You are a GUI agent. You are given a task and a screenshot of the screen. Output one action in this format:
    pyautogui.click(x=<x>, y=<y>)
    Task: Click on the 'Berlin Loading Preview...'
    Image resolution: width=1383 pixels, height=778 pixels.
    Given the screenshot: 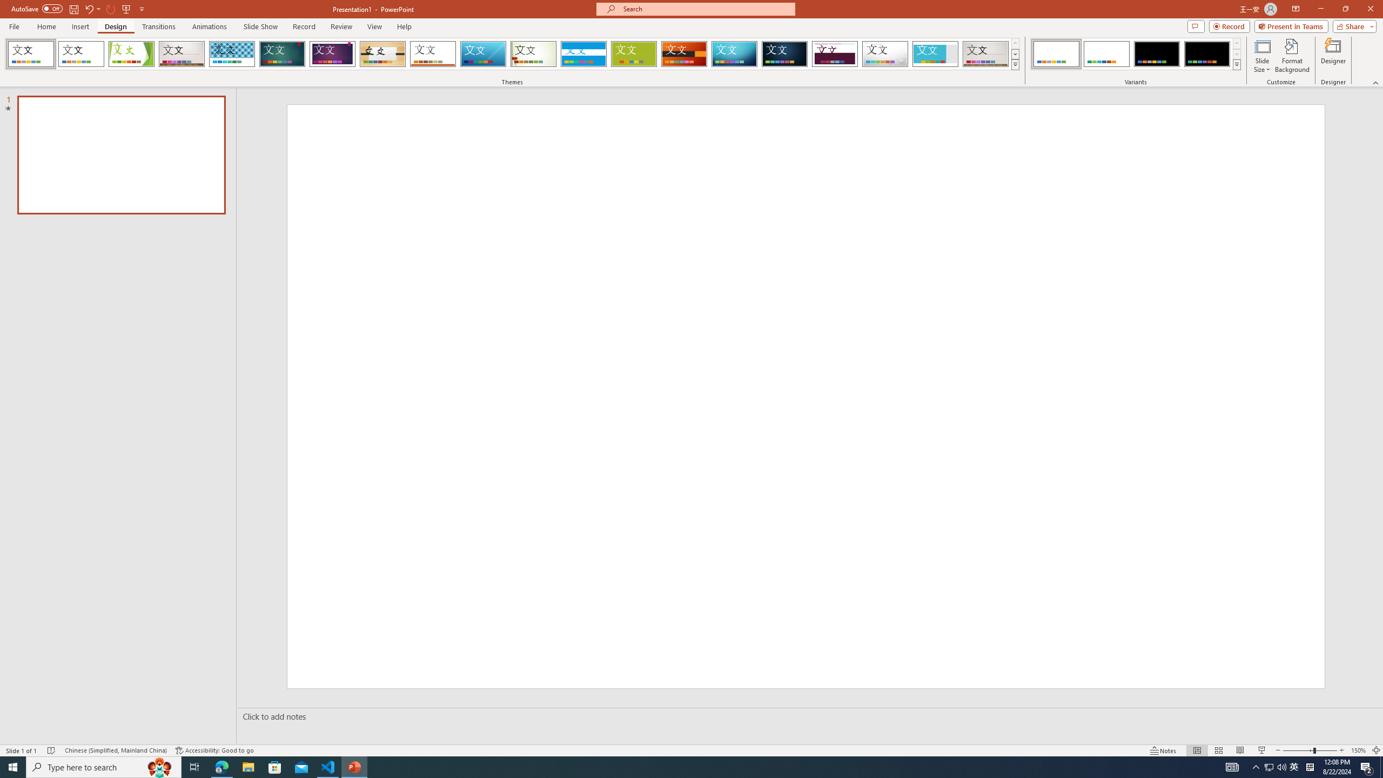 What is the action you would take?
    pyautogui.click(x=684, y=53)
    